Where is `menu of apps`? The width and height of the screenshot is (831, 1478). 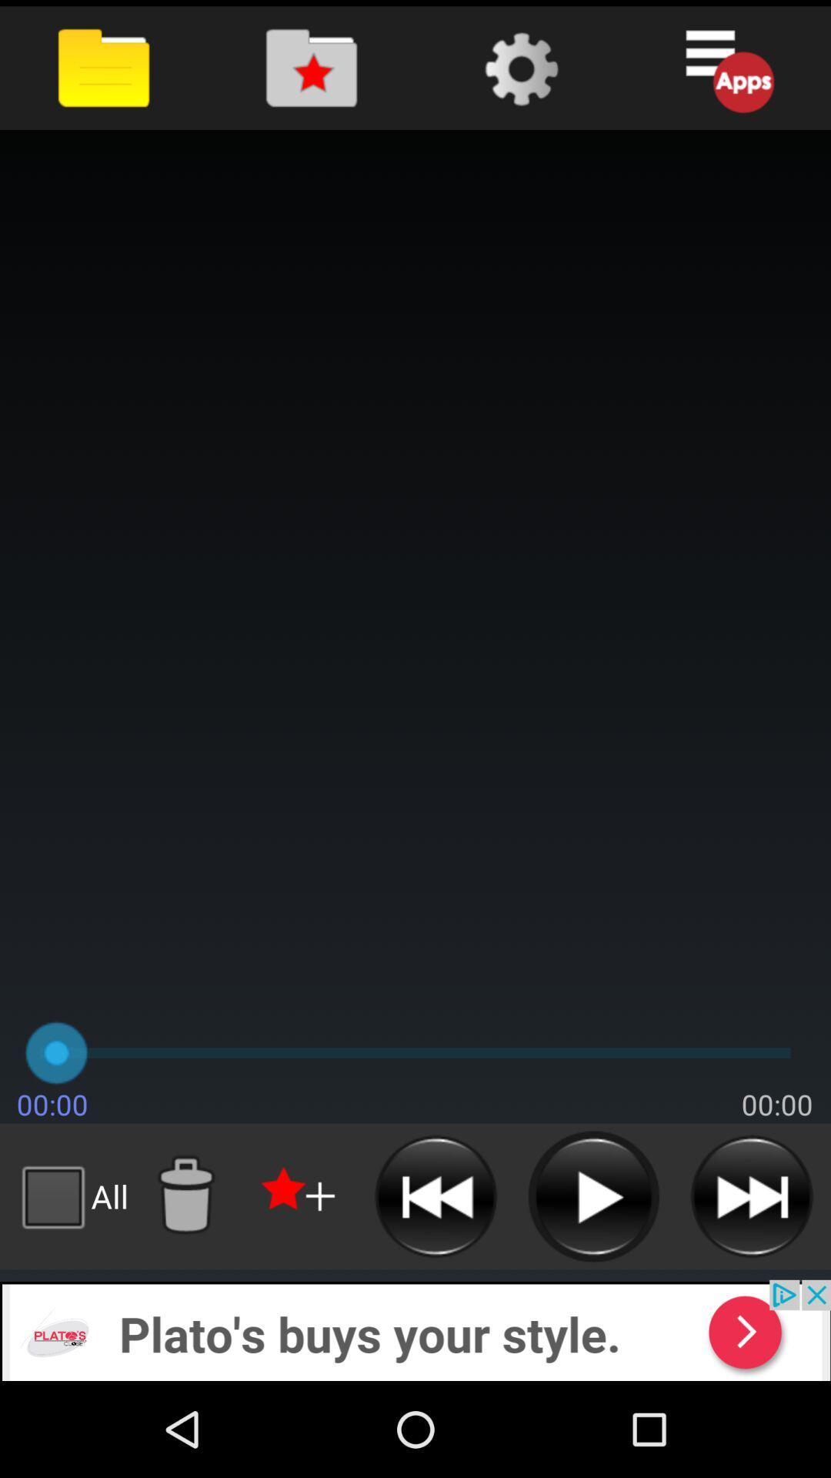
menu of apps is located at coordinates (727, 67).